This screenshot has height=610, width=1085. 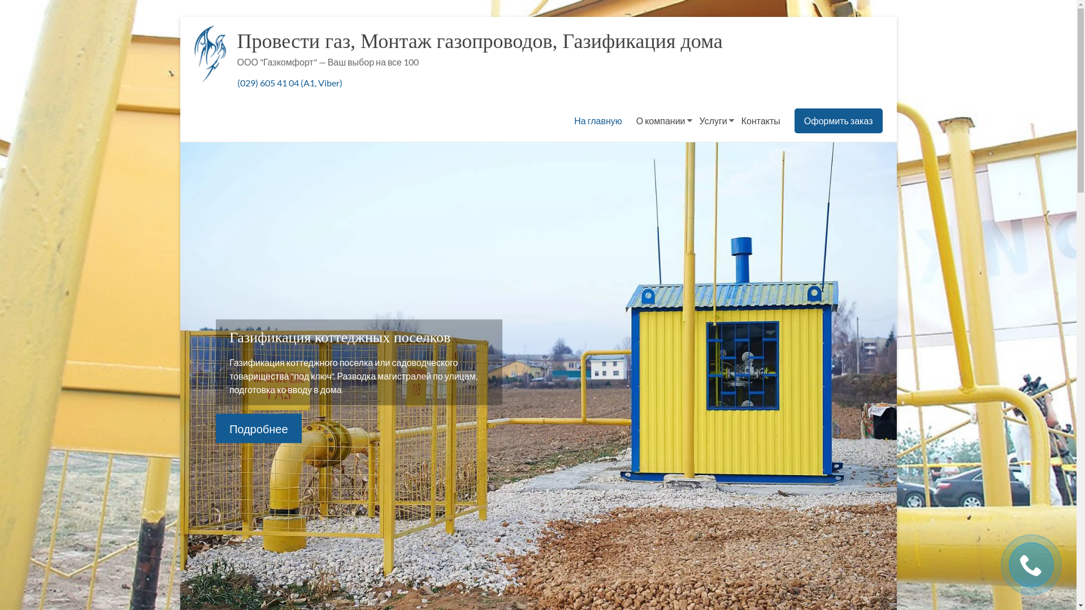 I want to click on '(029) 605 41 04 (A1, Viber)', so click(x=237, y=82).